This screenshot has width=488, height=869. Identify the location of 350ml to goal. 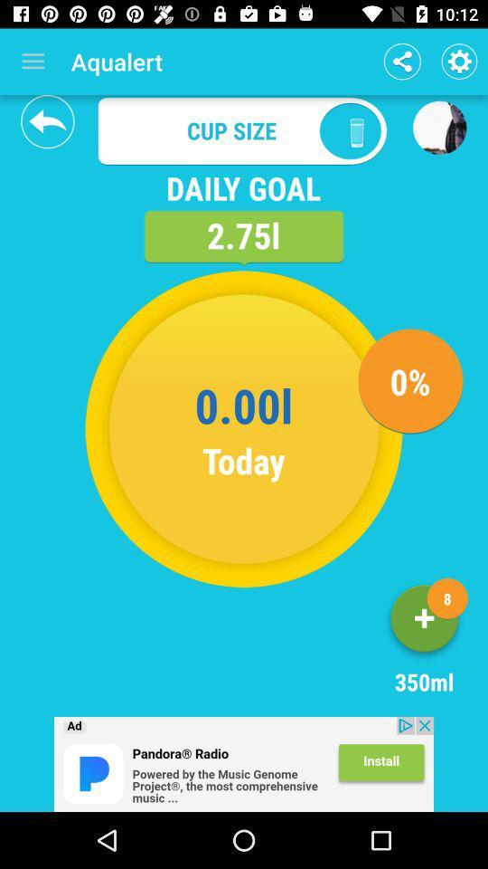
(424, 622).